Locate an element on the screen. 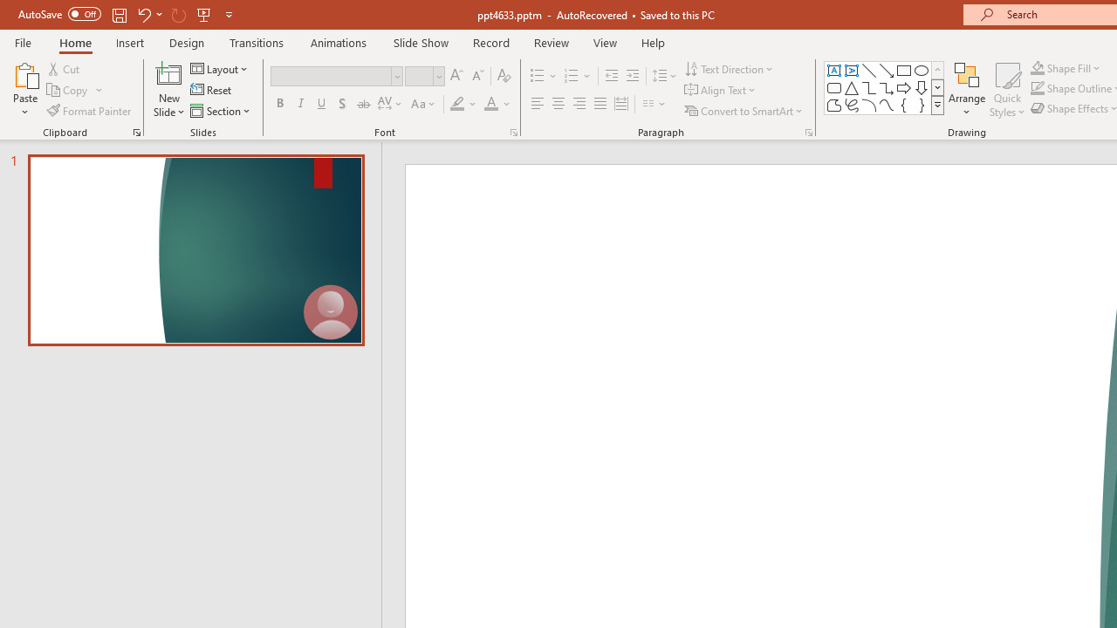  'Cut' is located at coordinates (65, 68).